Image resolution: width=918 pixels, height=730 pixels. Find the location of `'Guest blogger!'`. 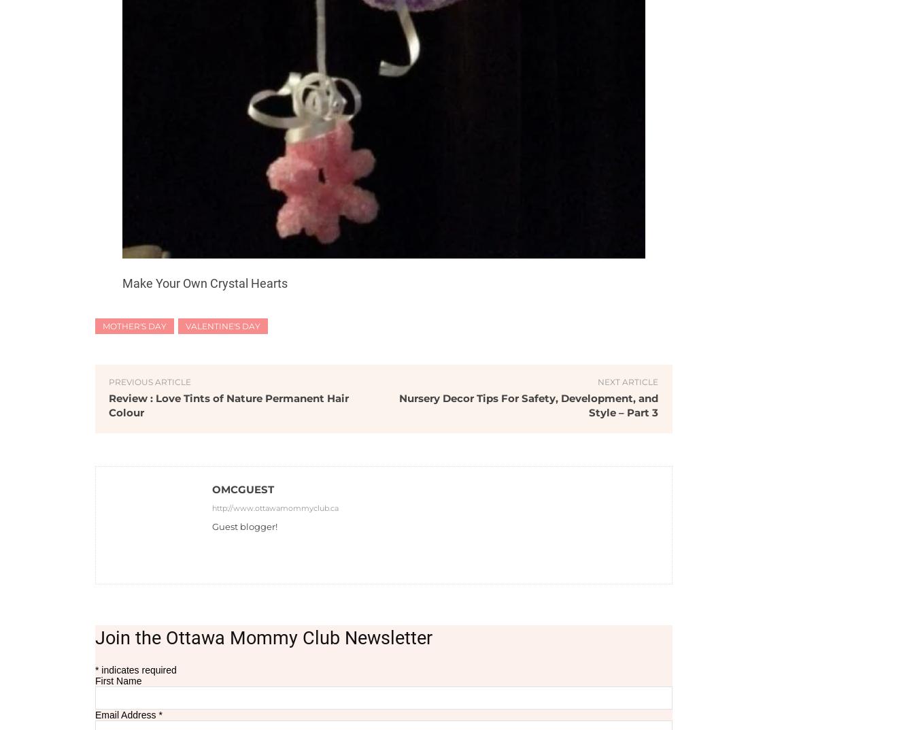

'Guest blogger!' is located at coordinates (245, 525).